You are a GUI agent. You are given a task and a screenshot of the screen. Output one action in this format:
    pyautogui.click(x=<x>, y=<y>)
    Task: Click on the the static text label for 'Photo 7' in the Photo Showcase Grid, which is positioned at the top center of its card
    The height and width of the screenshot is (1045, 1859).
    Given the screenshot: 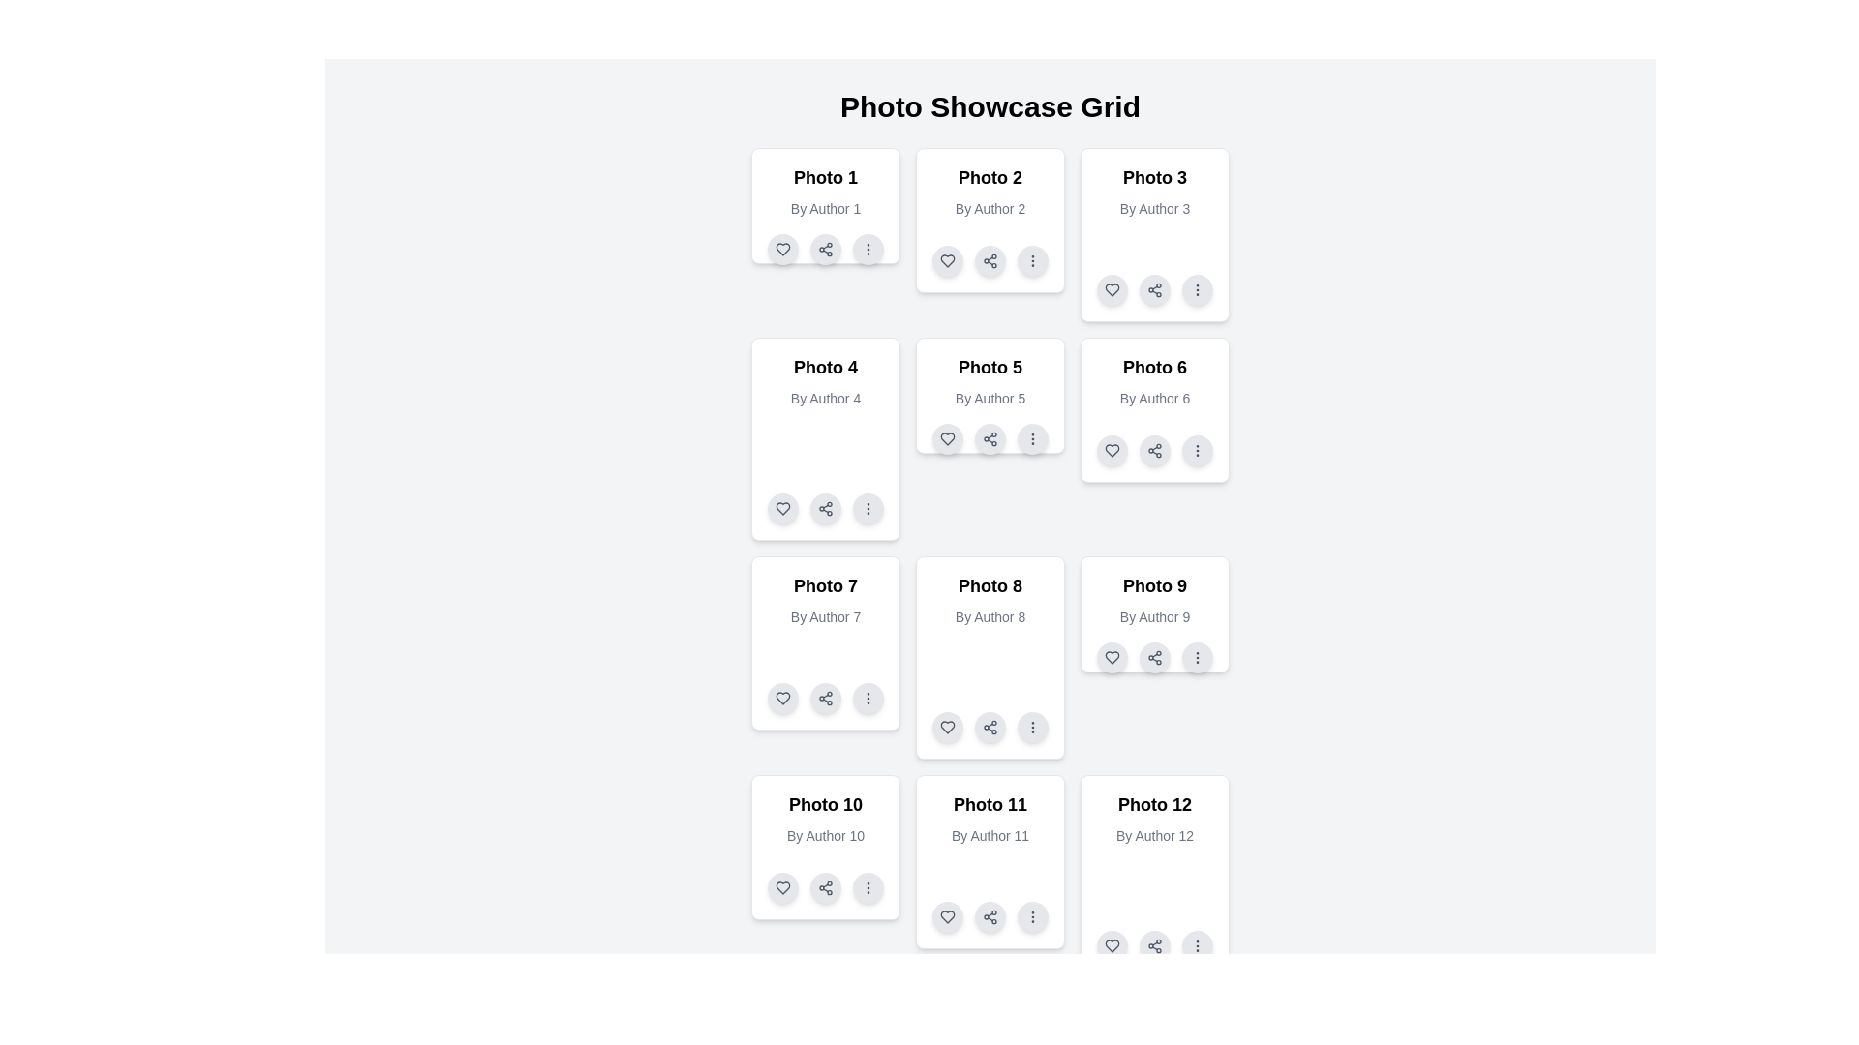 What is the action you would take?
    pyautogui.click(x=826, y=584)
    